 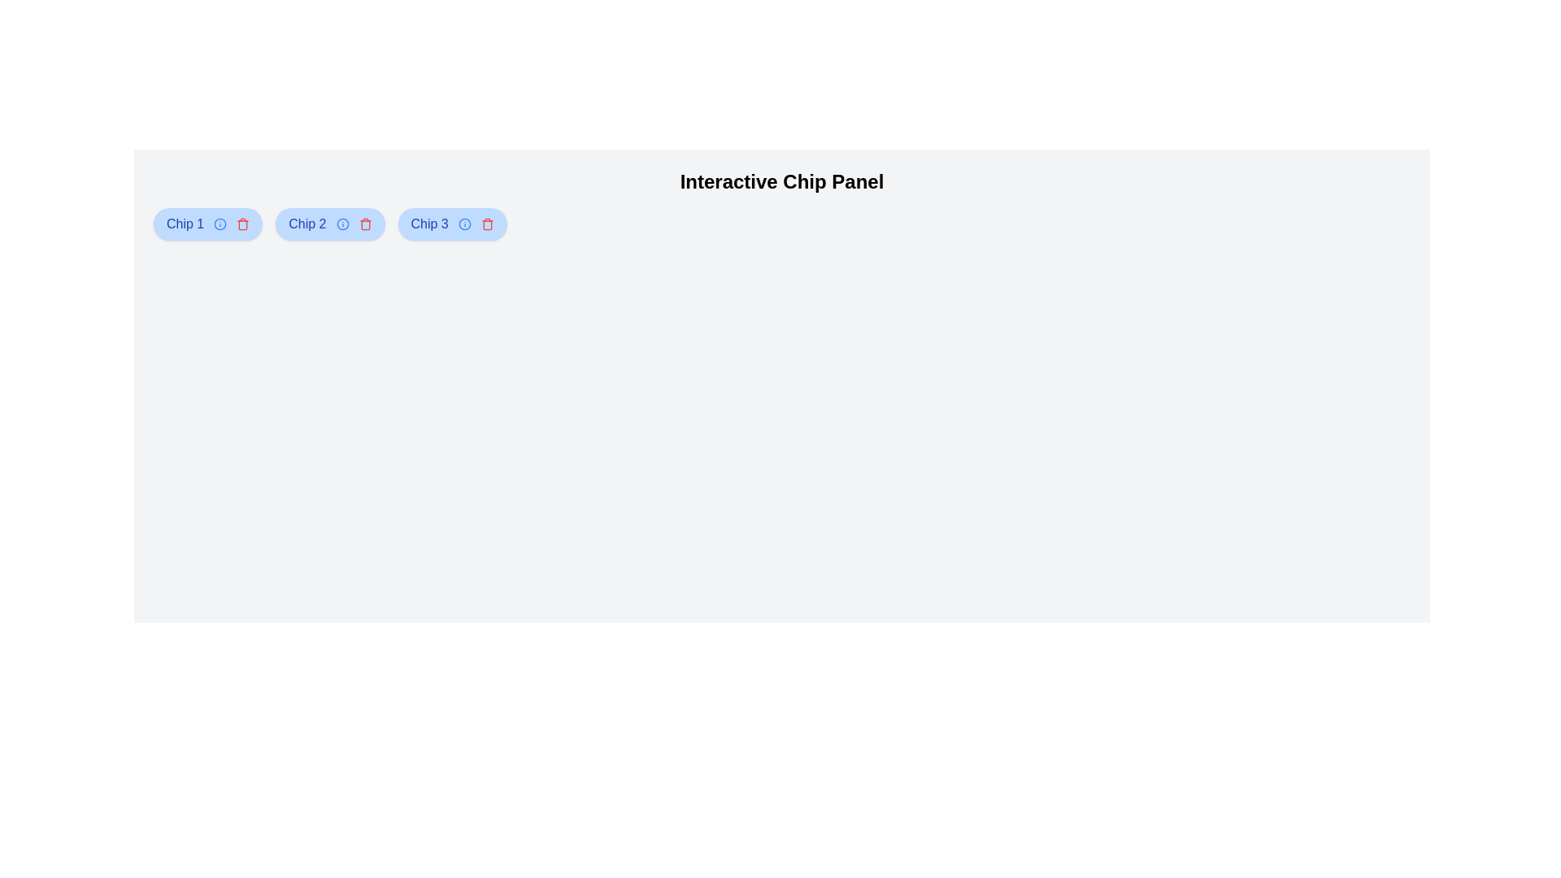 What do you see at coordinates (220, 224) in the screenshot?
I see `the info button of the chip labeled Chip 1` at bounding box center [220, 224].